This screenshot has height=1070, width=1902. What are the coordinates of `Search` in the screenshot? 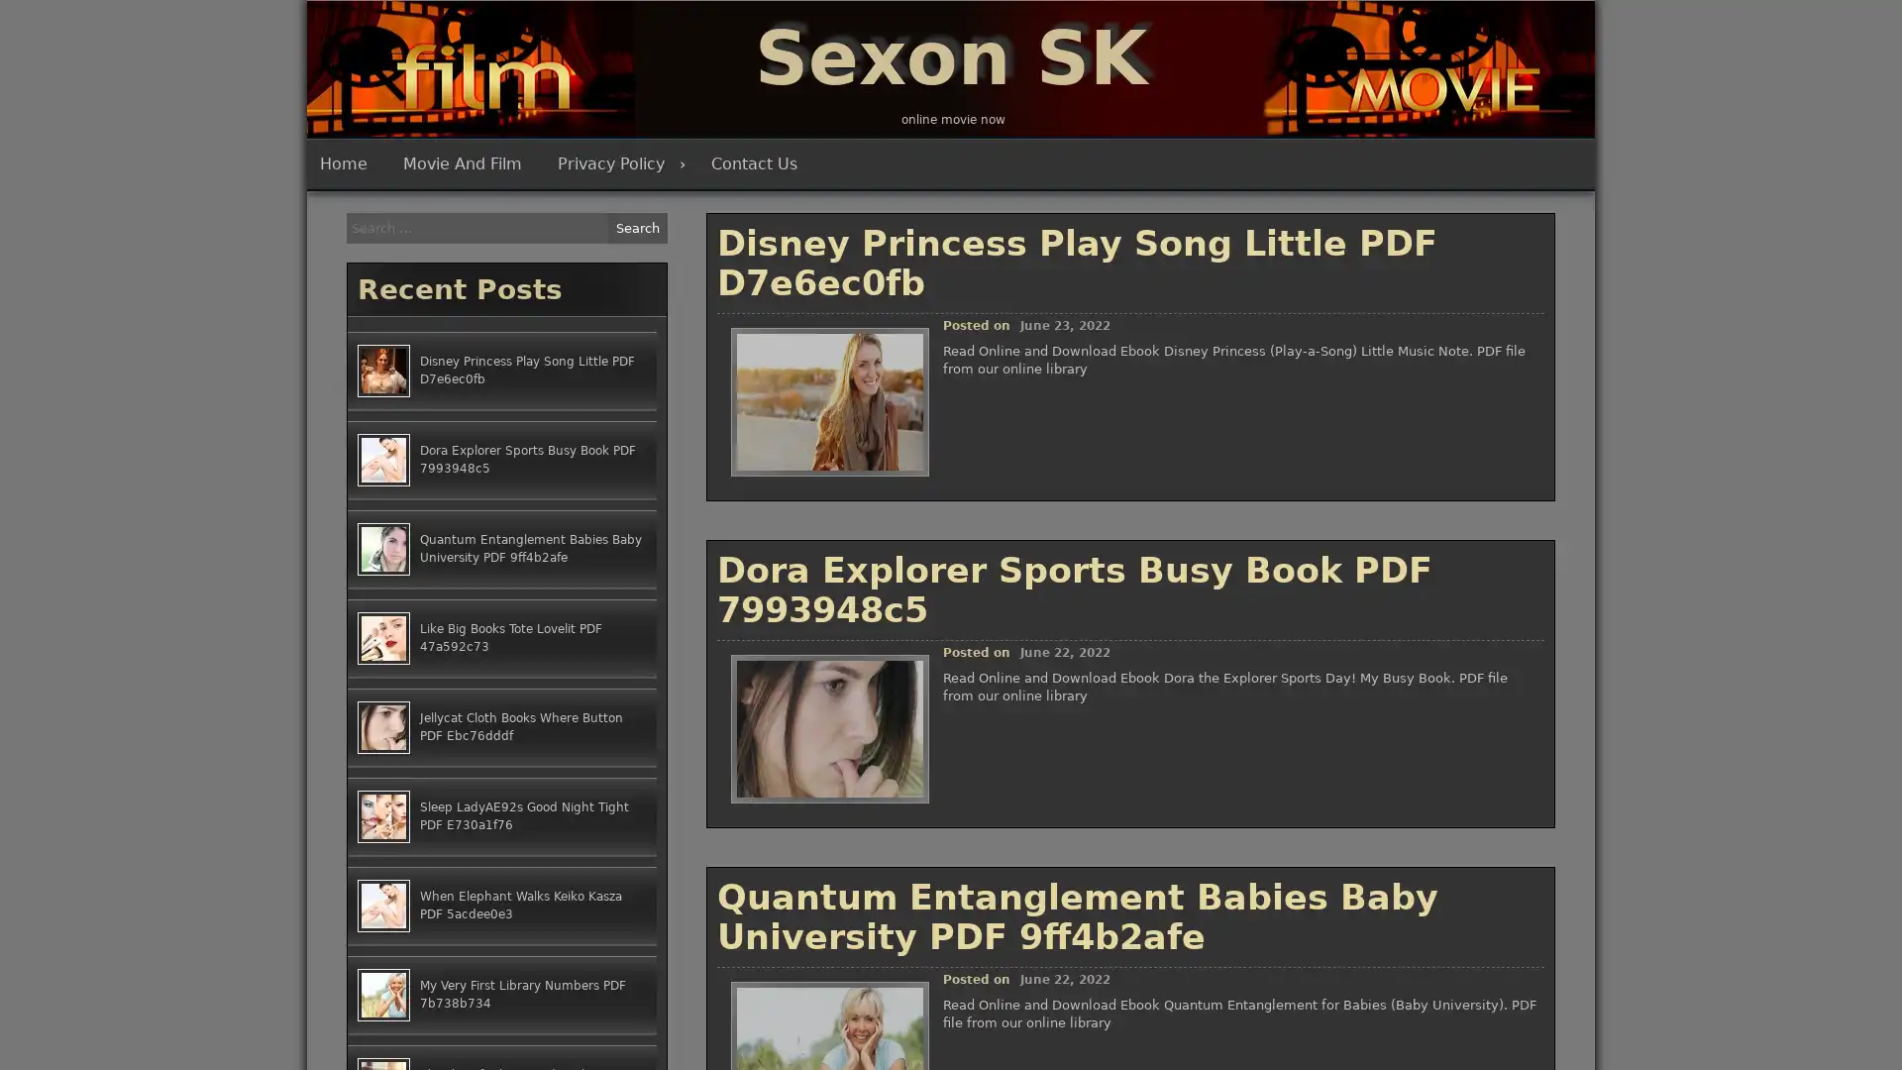 It's located at (637, 227).